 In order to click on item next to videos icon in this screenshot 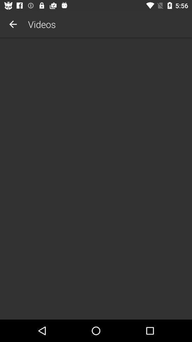, I will do `click(13, 24)`.